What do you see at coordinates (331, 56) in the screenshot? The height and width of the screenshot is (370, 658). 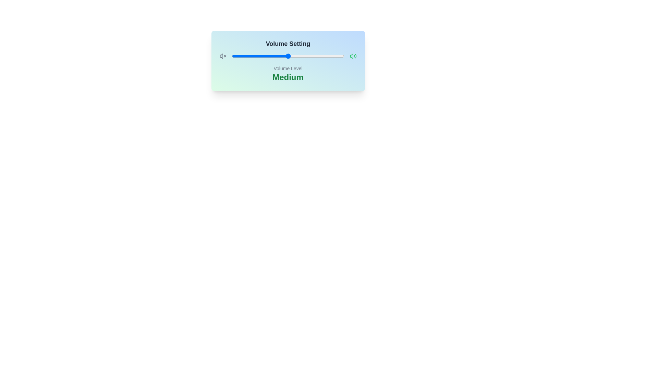 I see `the volume slider to 88%` at bounding box center [331, 56].